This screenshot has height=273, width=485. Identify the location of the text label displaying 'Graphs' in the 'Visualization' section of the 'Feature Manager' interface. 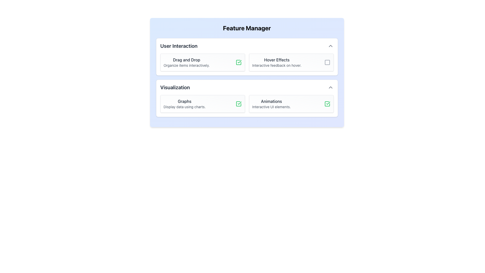
(184, 101).